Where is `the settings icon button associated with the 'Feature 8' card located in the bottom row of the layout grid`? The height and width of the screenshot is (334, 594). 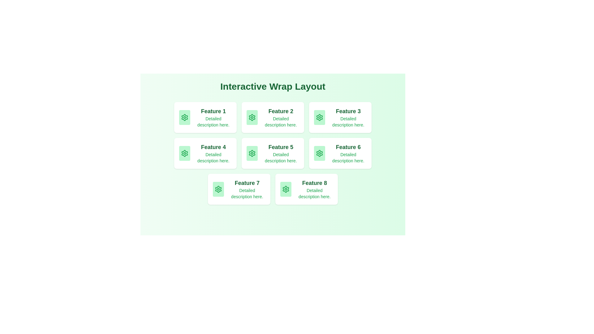
the settings icon button associated with the 'Feature 8' card located in the bottom row of the layout grid is located at coordinates (285, 189).